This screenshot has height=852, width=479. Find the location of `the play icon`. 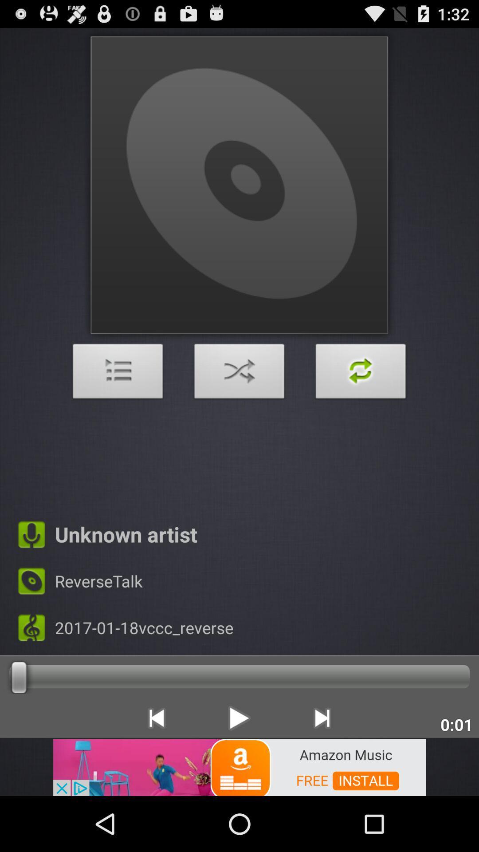

the play icon is located at coordinates (239, 768).